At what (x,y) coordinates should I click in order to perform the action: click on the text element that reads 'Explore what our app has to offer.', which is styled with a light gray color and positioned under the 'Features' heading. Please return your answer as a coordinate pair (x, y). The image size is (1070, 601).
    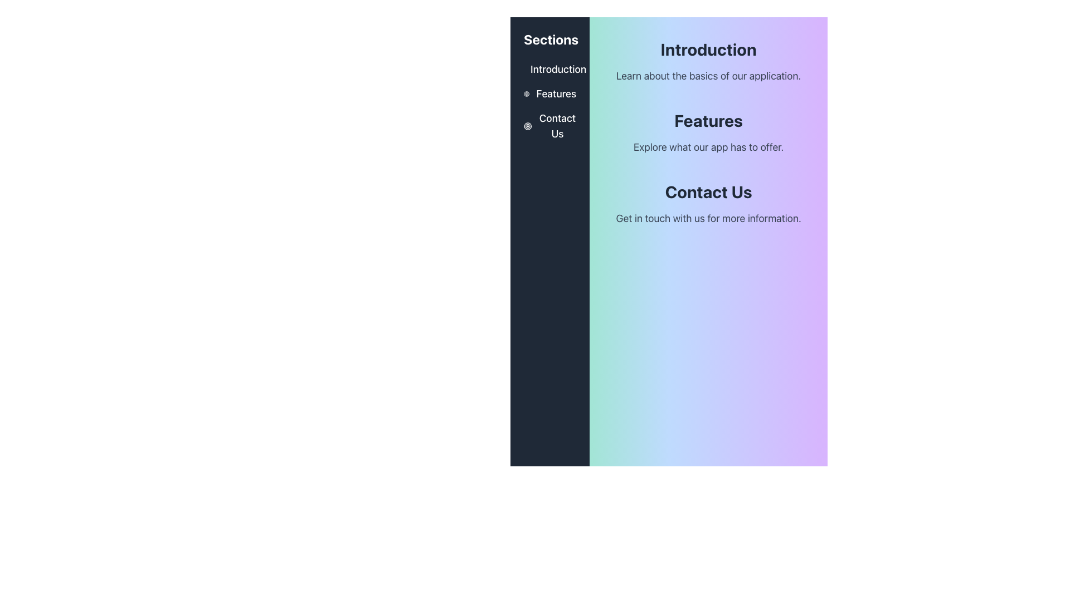
    Looking at the image, I should click on (708, 147).